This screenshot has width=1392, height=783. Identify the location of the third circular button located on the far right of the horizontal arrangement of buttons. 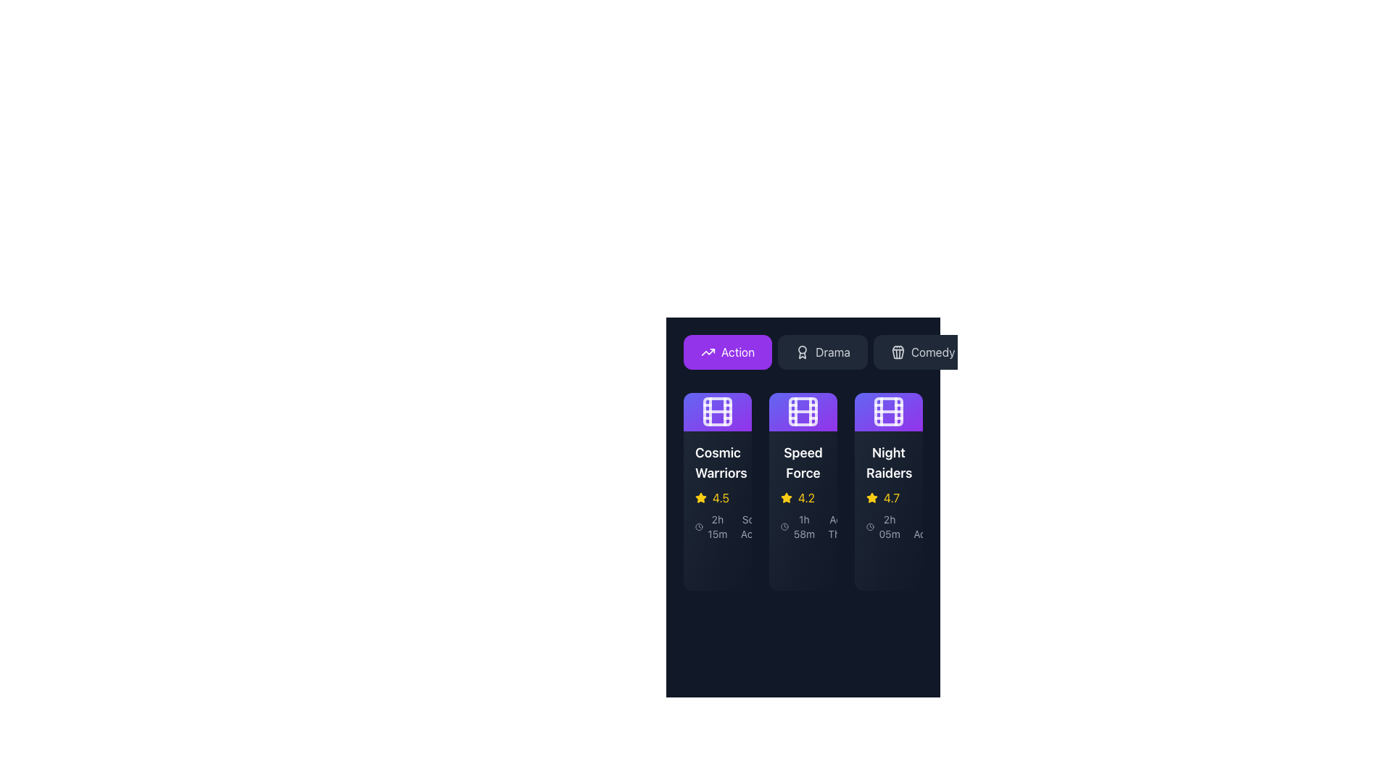
(802, 563).